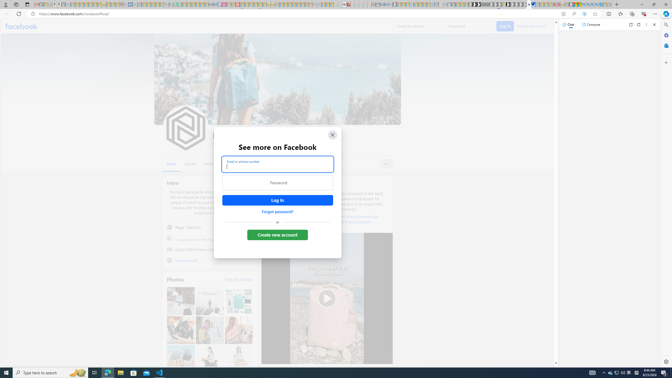 The height and width of the screenshot is (378, 672). What do you see at coordinates (277, 234) in the screenshot?
I see `'Create new account'` at bounding box center [277, 234].